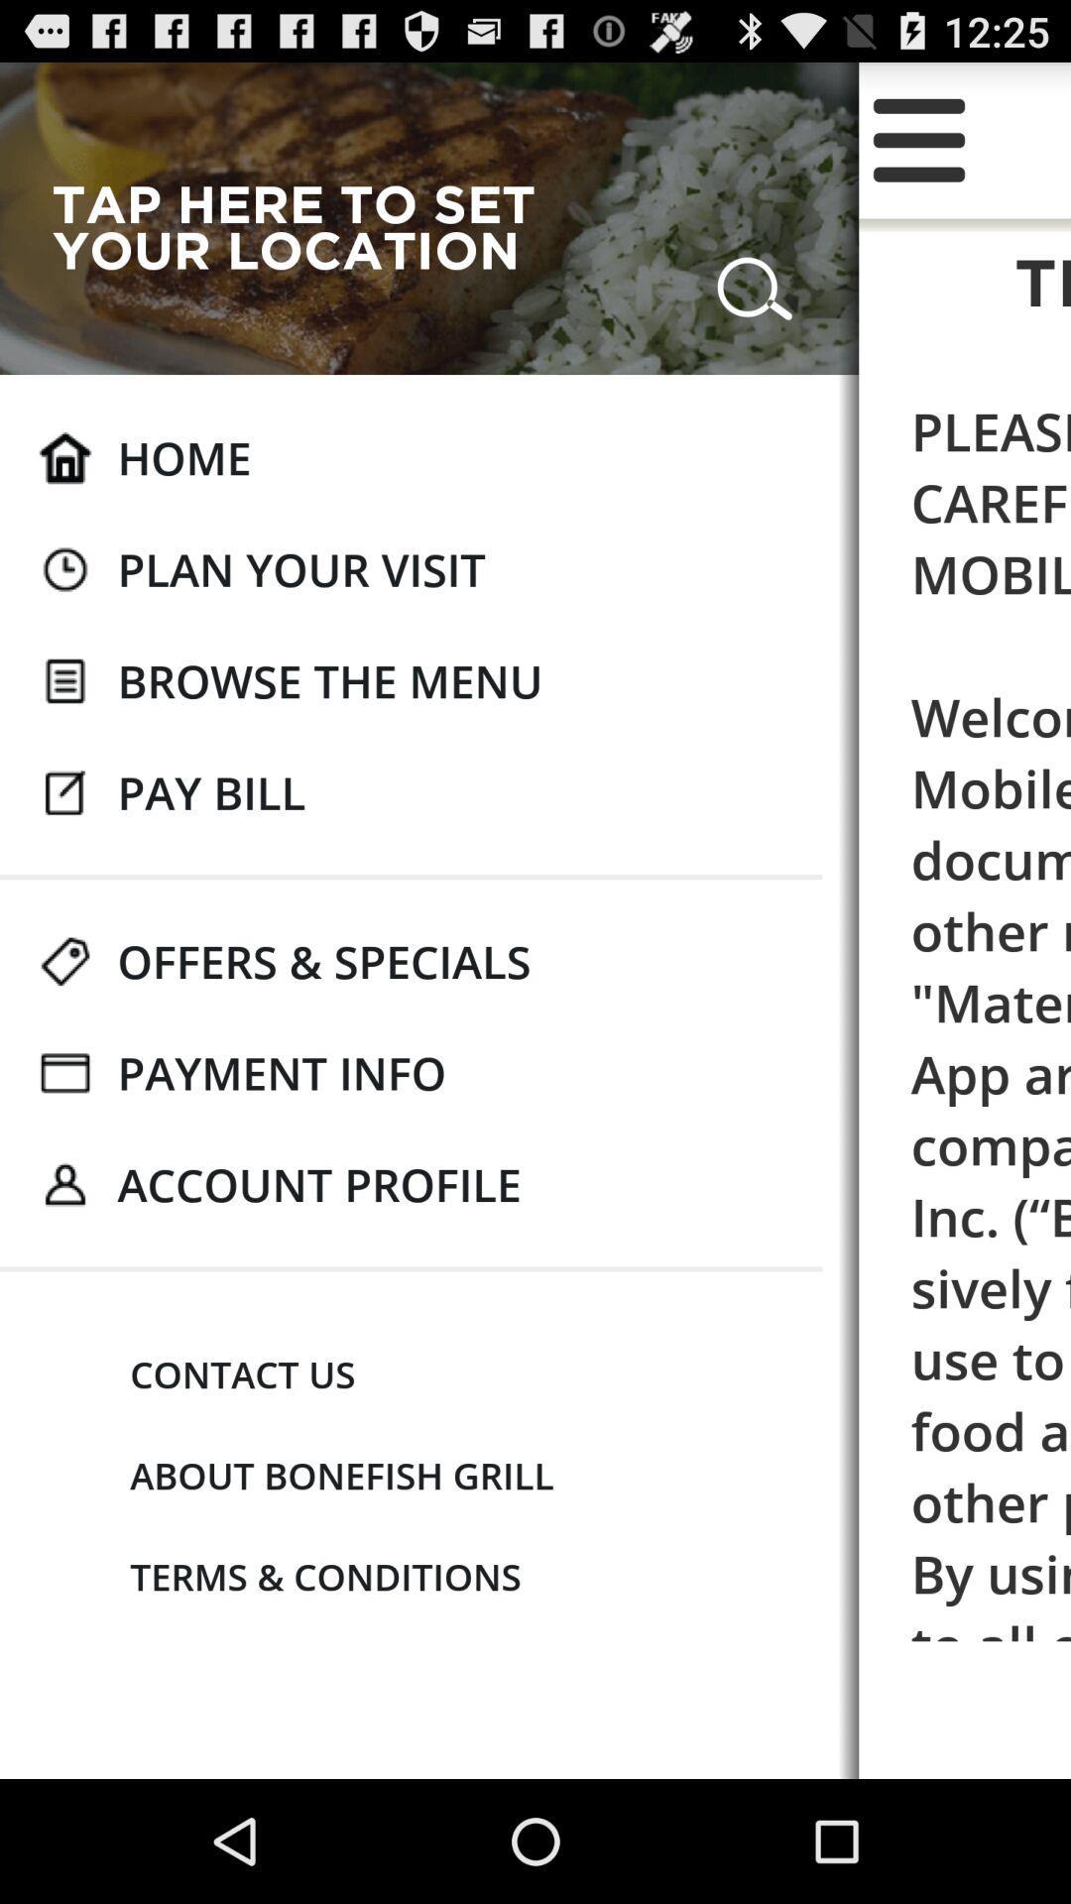  What do you see at coordinates (318, 1184) in the screenshot?
I see `the item to the left of please read these icon` at bounding box center [318, 1184].